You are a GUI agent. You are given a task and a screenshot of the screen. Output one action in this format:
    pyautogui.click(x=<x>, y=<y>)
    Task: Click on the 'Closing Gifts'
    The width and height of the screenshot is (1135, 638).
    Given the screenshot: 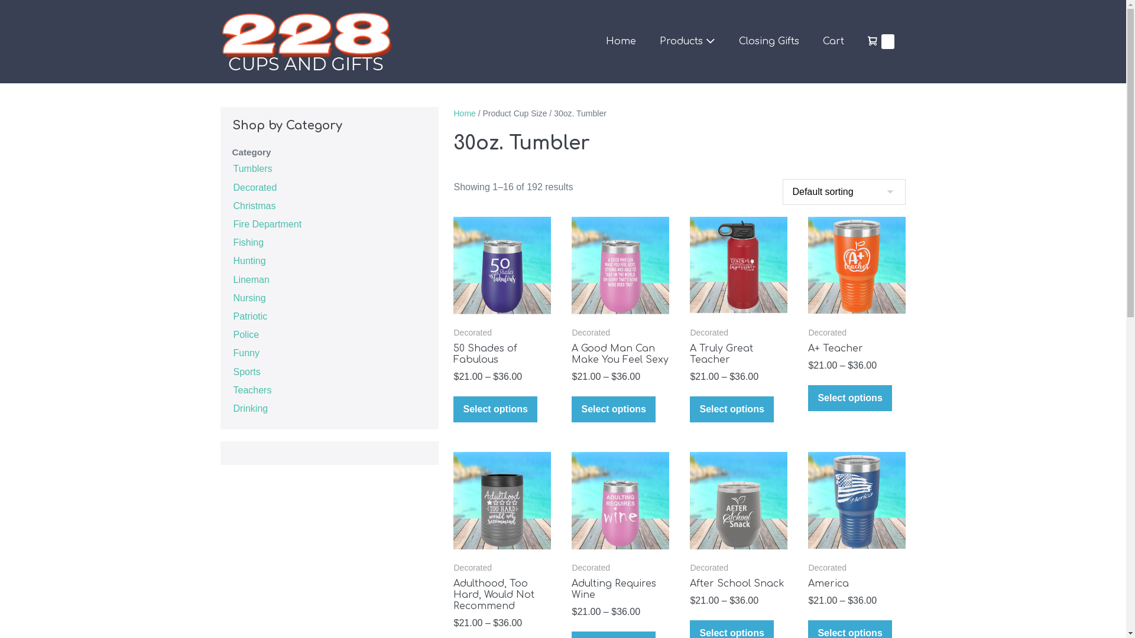 What is the action you would take?
    pyautogui.click(x=768, y=41)
    